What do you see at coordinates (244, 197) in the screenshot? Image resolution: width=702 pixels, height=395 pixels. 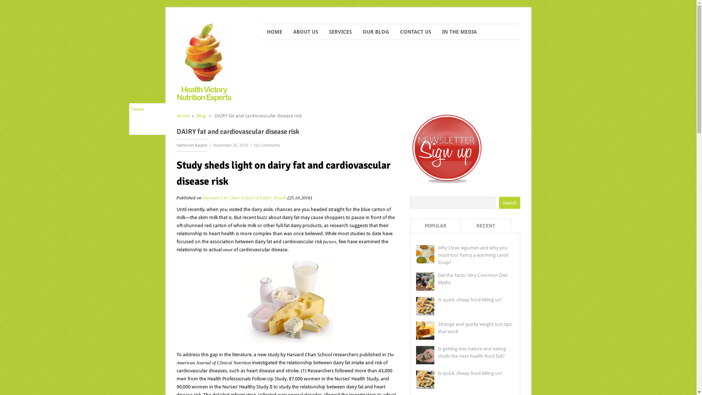 I see `'Harvard T.H. Chan School of Public Health'` at bounding box center [244, 197].